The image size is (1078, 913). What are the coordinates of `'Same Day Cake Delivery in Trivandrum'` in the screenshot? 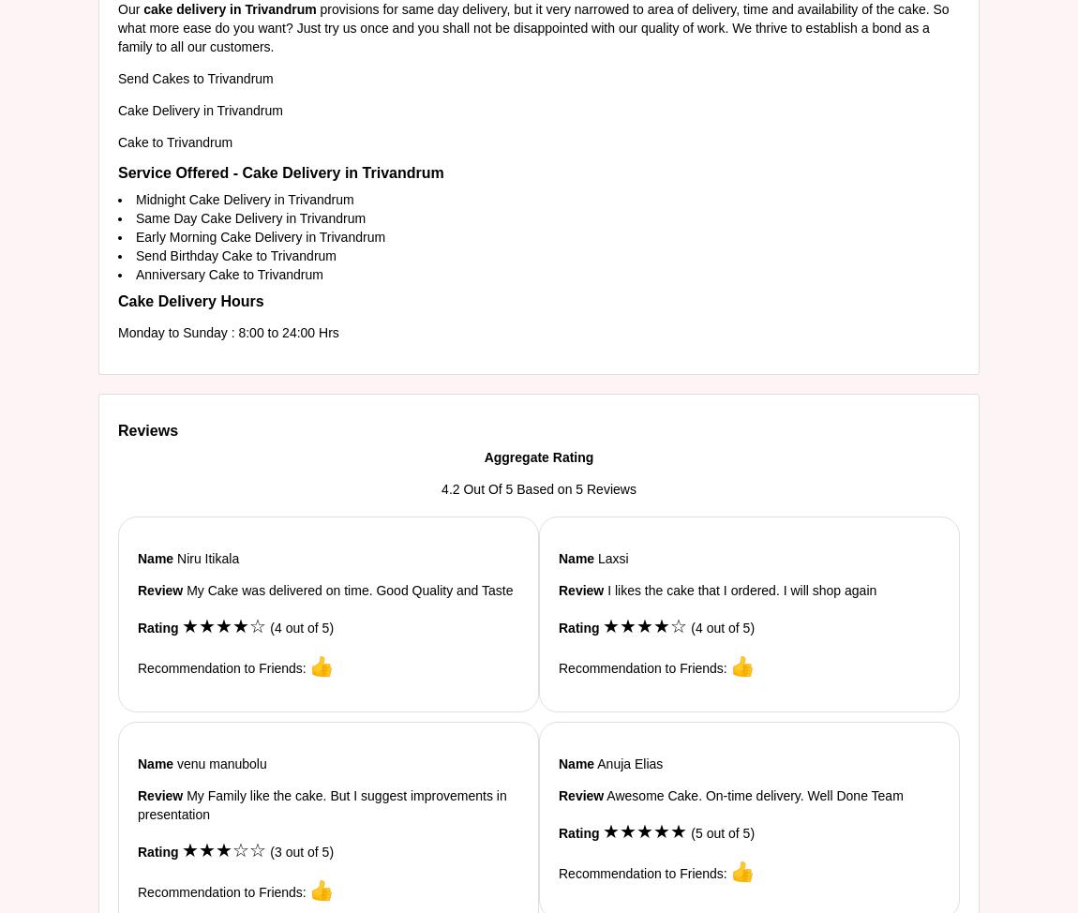 It's located at (249, 217).